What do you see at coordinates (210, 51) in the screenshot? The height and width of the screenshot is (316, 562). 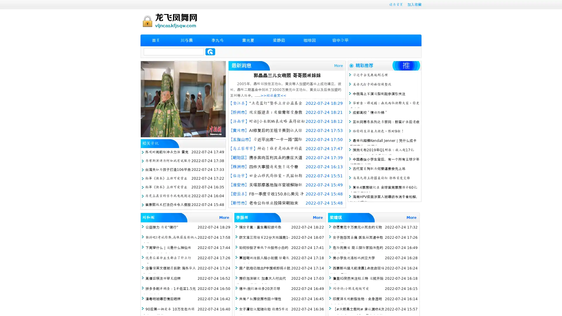 I see `Search` at bounding box center [210, 51].